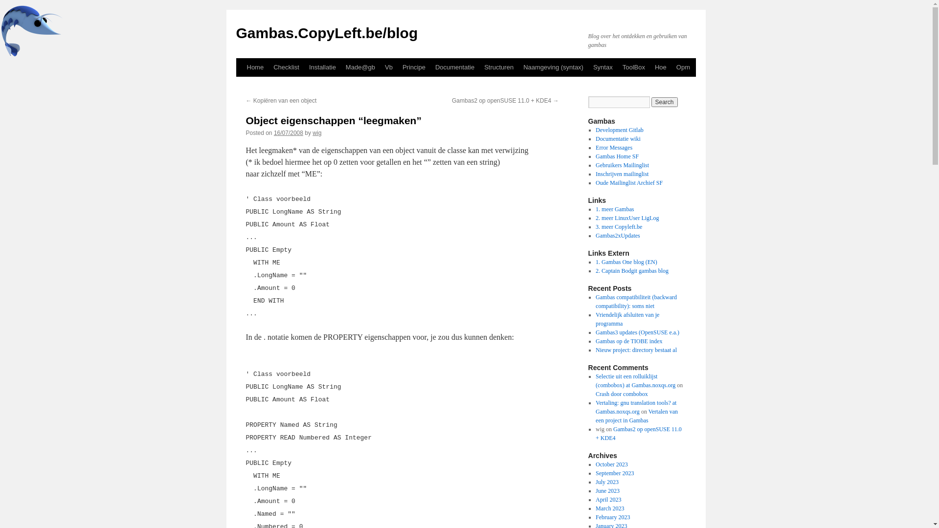 The height and width of the screenshot is (528, 939). I want to click on 'Gebruikers Mailinglist', so click(622, 165).